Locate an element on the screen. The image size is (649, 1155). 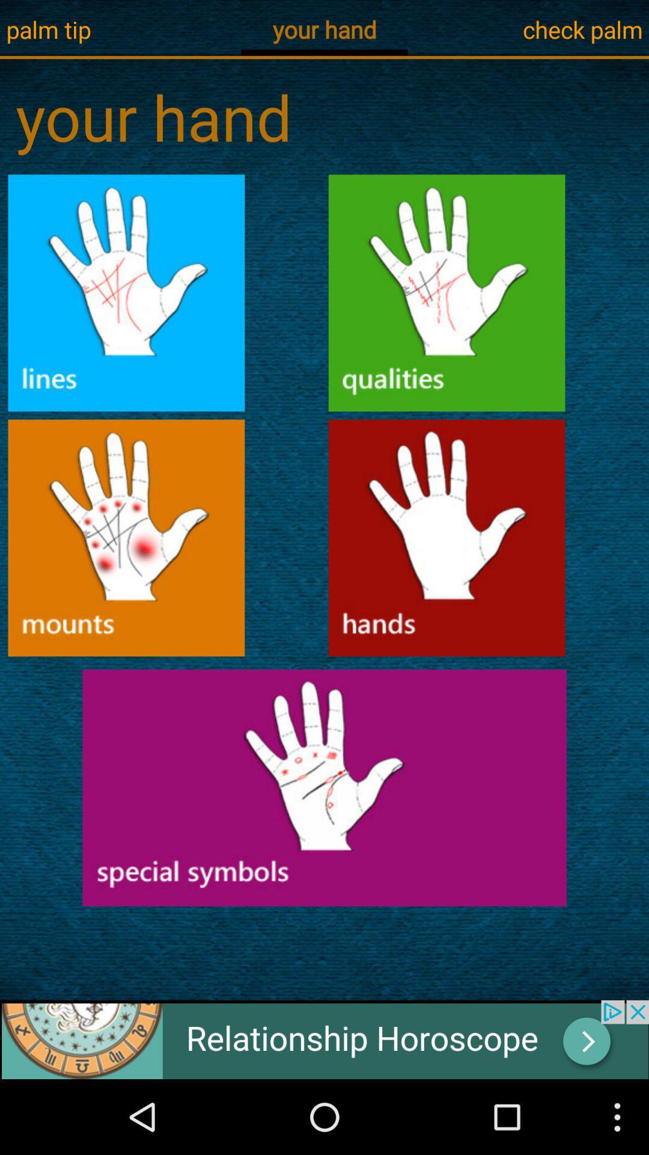
icon for hand qualities is located at coordinates (446, 293).